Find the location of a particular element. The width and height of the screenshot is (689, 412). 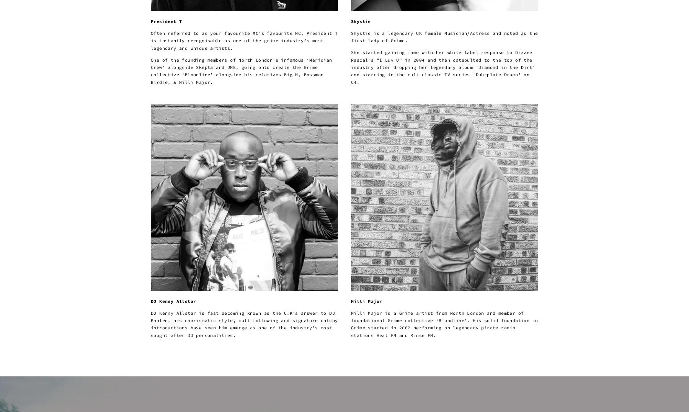

'Shystie is a legendary UK female Musician/Actress and noted as the first lady of Grime.' is located at coordinates (444, 36).